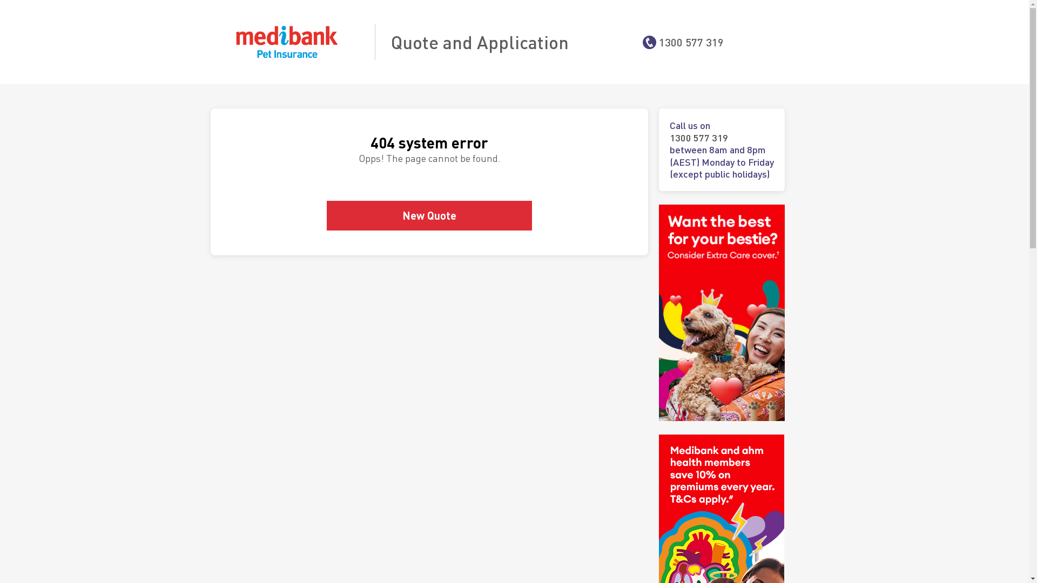 The height and width of the screenshot is (583, 1037). Describe the element at coordinates (691, 41) in the screenshot. I see `'1300 577 319'` at that location.